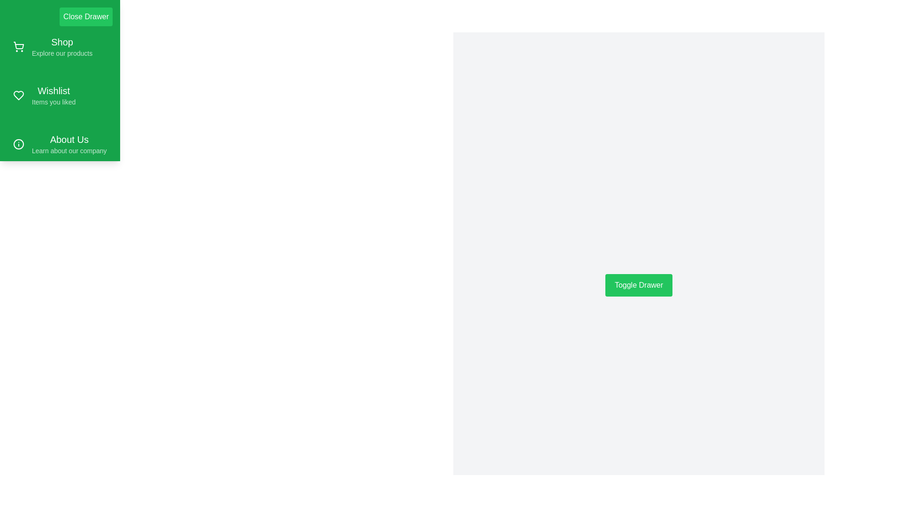  What do you see at coordinates (638, 285) in the screenshot?
I see `the button labeled Toggle Drawer to toggle the drawer visibility` at bounding box center [638, 285].